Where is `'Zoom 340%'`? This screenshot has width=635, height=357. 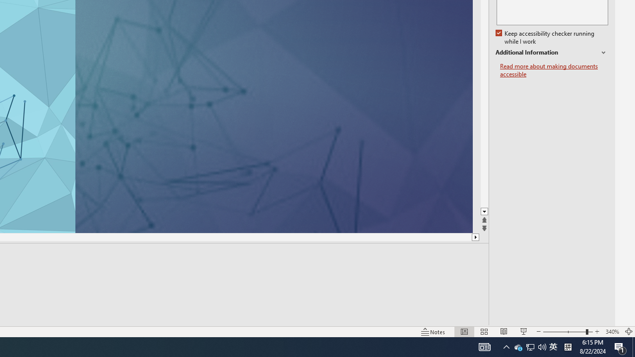 'Zoom 340%' is located at coordinates (612, 332).